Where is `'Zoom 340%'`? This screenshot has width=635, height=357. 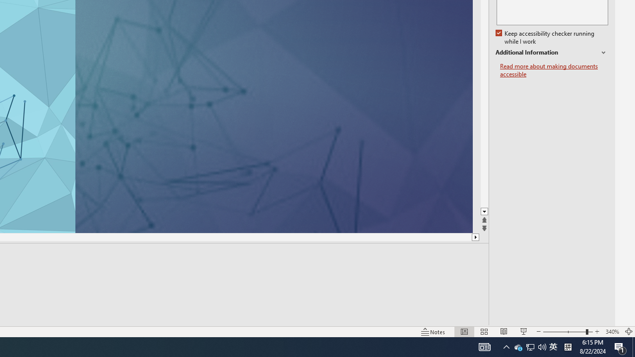 'Zoom 340%' is located at coordinates (612, 332).